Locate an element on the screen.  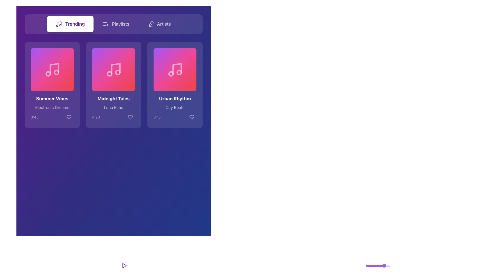
the vertical stem component of the music note icon within the SVG, which is located to the left of the 'Trending' tab is located at coordinates (60, 24).